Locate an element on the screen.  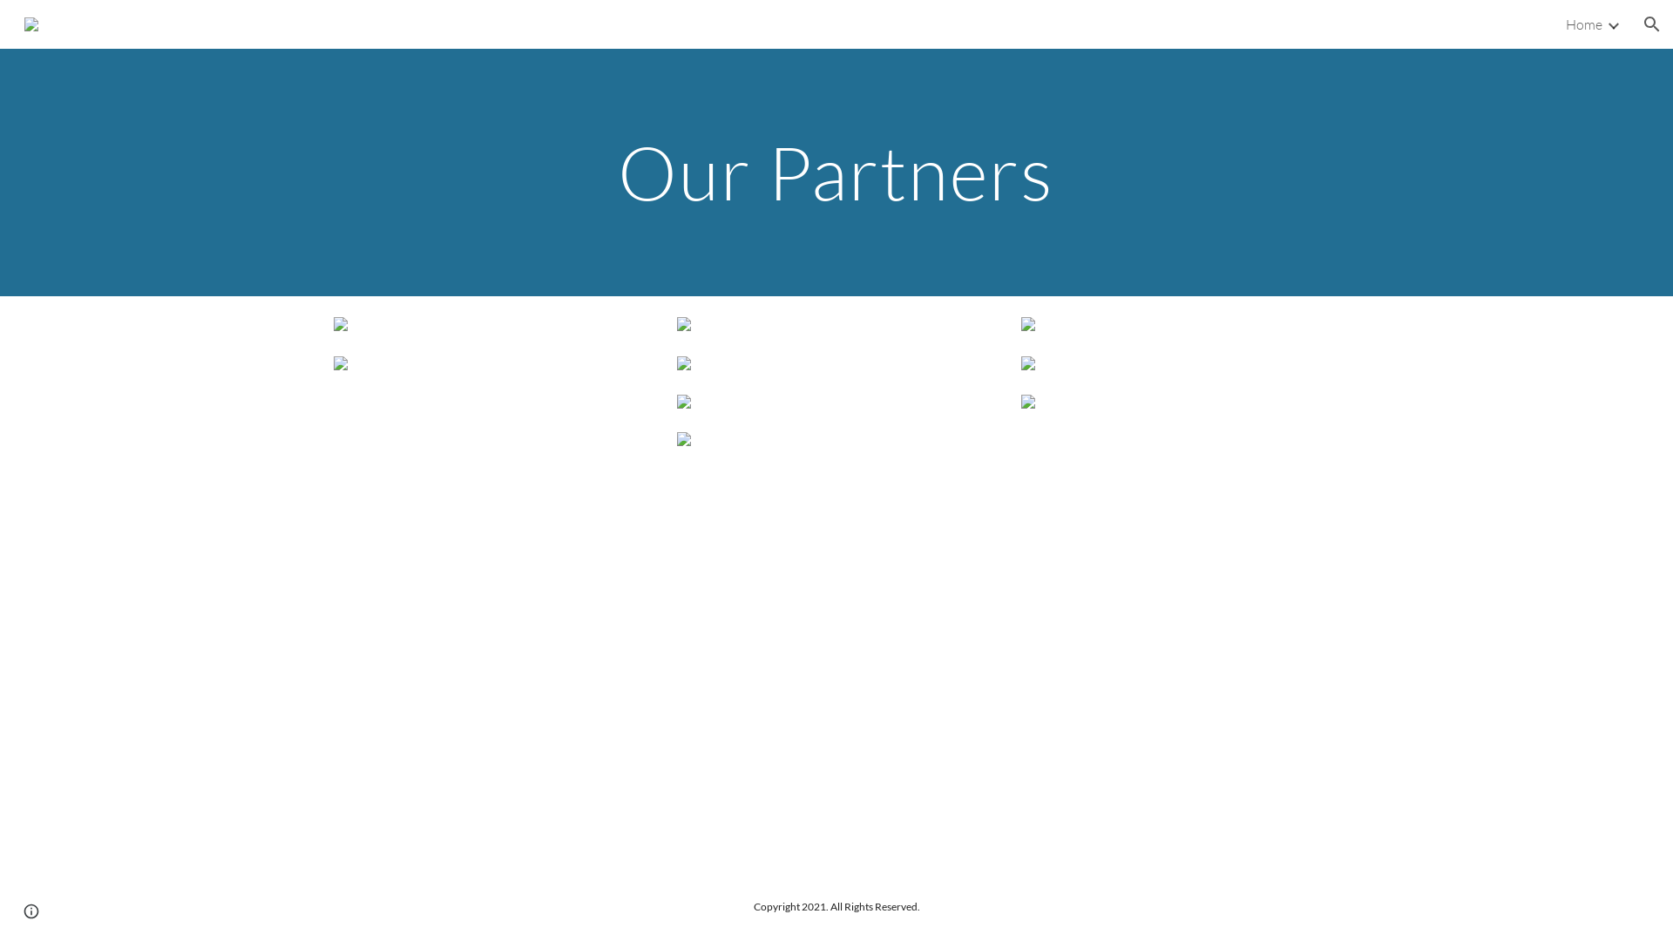
'Expand/Collapse' is located at coordinates (1612, 24).